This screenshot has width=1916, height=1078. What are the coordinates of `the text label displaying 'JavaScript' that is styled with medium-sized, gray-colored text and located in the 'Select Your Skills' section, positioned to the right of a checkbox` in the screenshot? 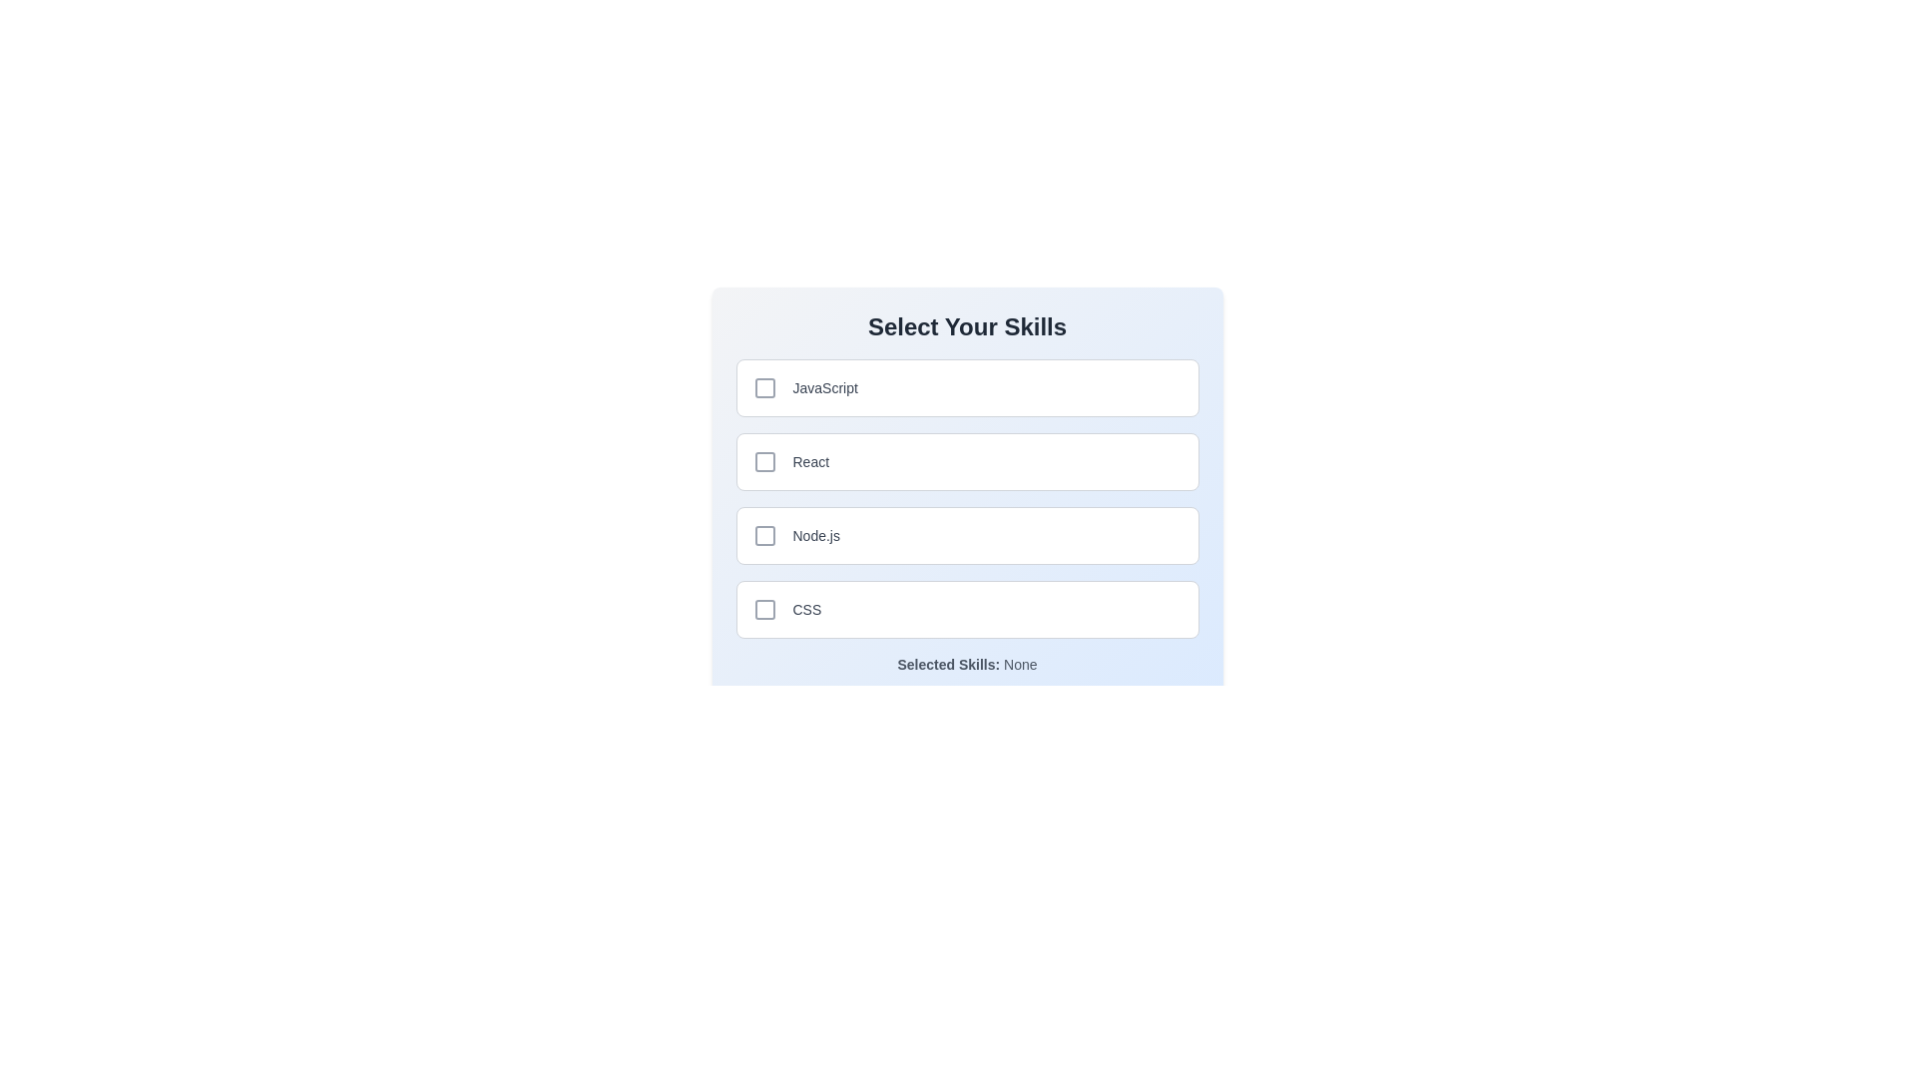 It's located at (825, 388).